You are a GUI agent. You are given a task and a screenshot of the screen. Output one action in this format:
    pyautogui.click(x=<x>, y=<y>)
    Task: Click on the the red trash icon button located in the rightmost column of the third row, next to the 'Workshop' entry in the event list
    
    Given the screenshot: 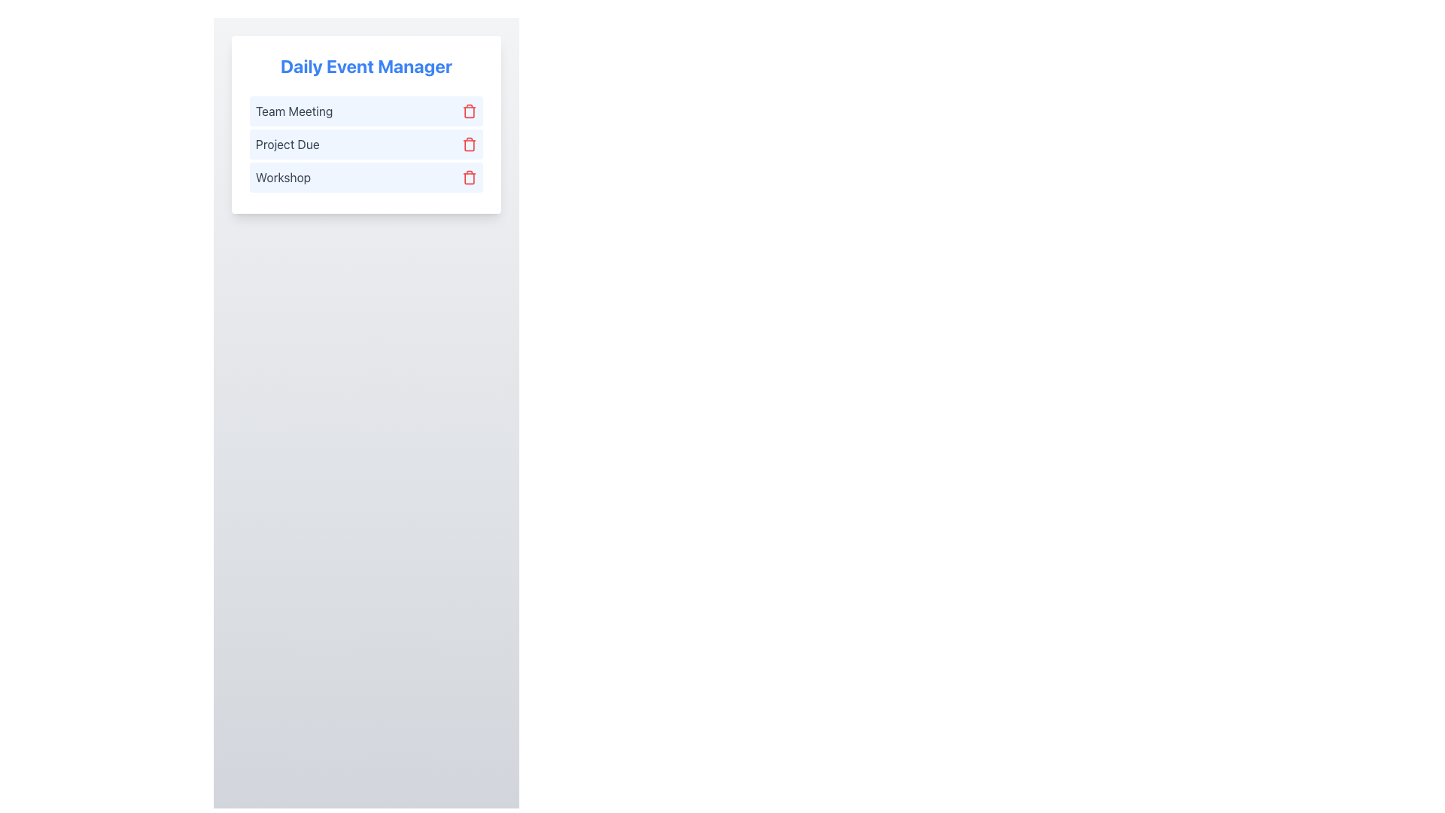 What is the action you would take?
    pyautogui.click(x=469, y=177)
    